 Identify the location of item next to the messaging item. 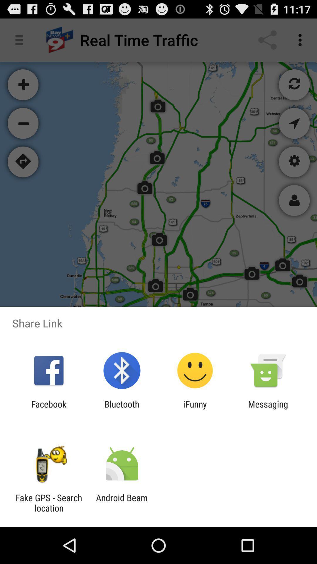
(195, 409).